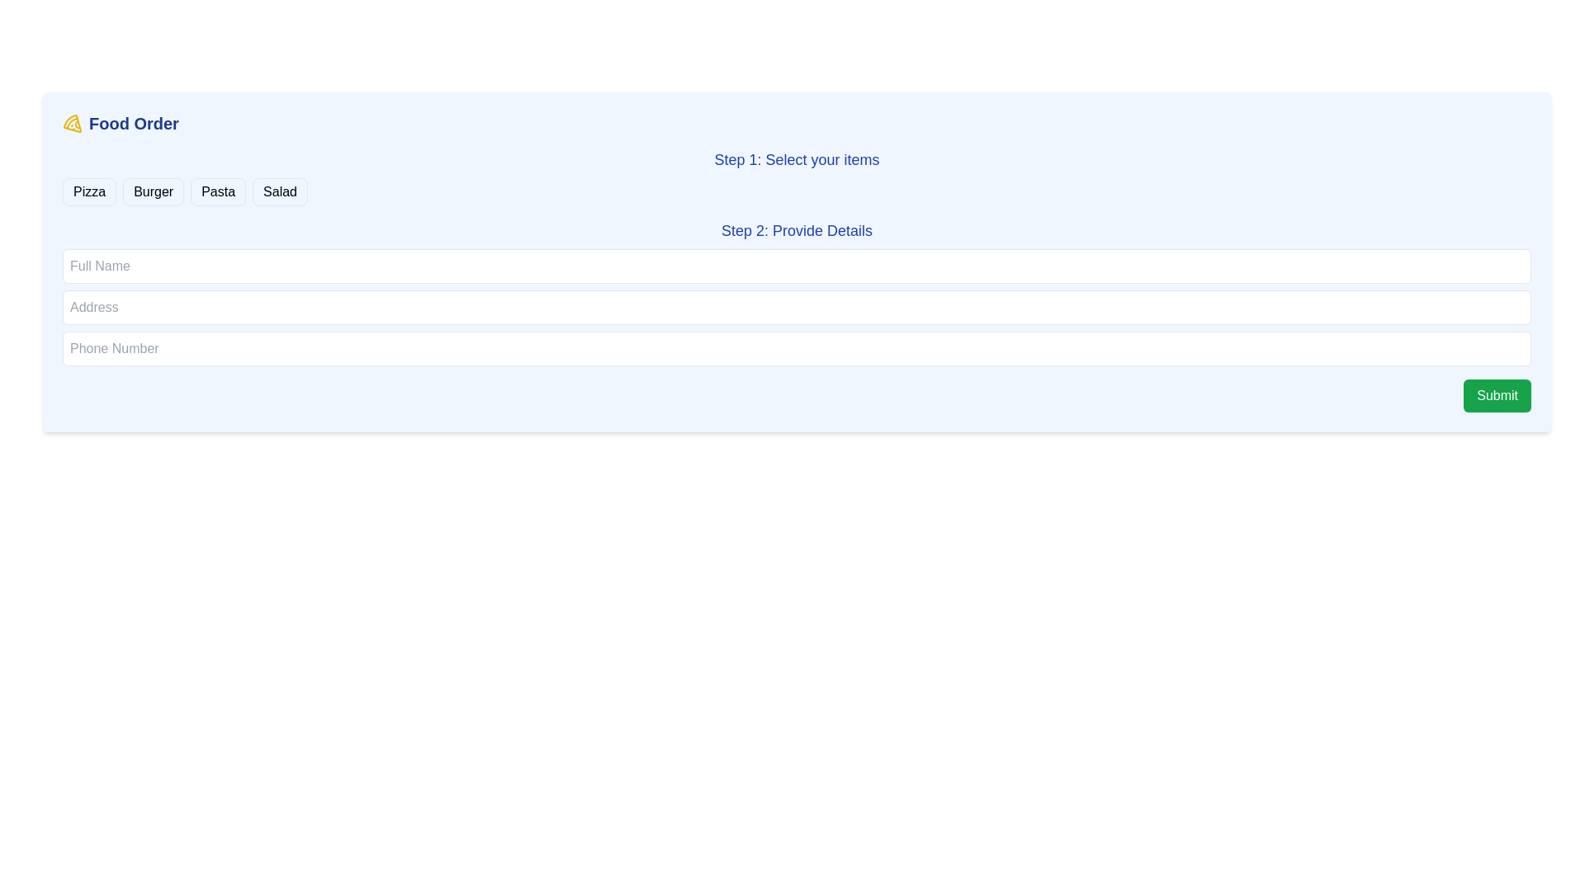  Describe the element at coordinates (217, 191) in the screenshot. I see `the 'Pasta' button, which is a rectangular button with bold text` at that location.